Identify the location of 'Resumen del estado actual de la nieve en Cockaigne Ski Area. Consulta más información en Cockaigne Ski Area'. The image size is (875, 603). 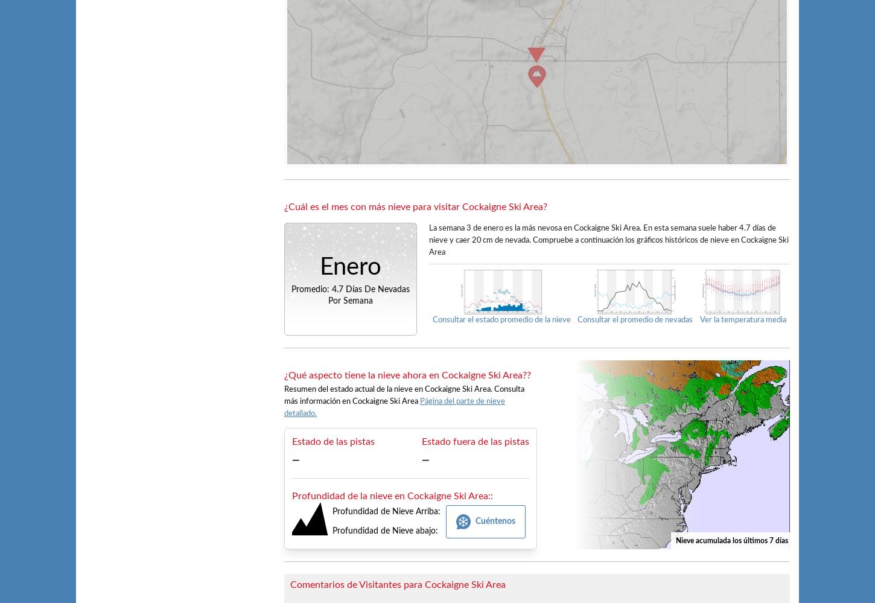
(404, 394).